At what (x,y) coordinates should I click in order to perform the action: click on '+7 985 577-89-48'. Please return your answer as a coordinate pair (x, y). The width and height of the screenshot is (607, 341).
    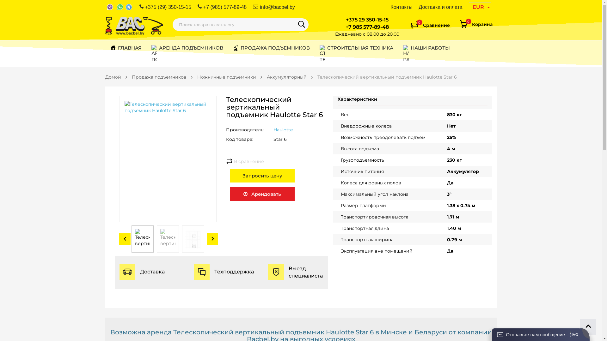
    Looking at the image, I should click on (345, 27).